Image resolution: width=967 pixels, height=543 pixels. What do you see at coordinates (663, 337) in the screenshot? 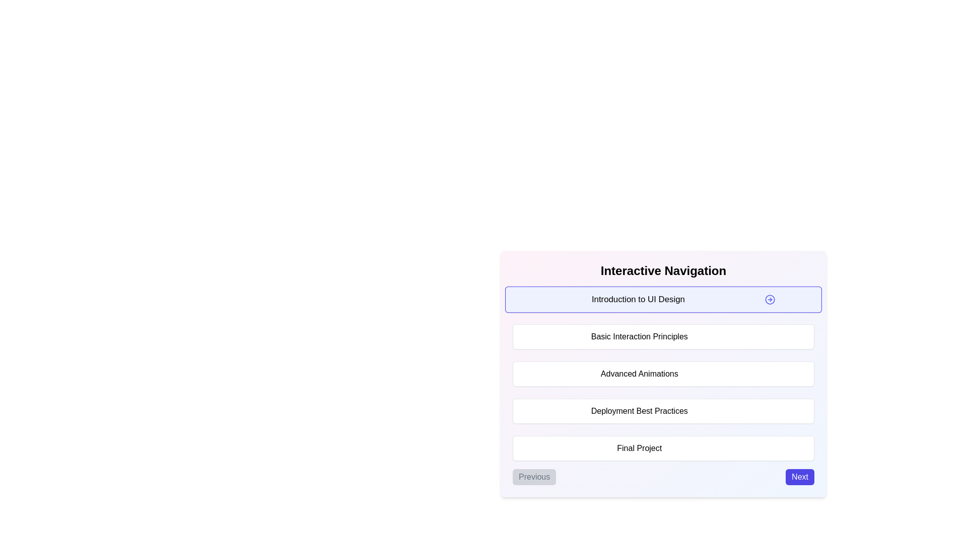
I see `the step labeled Basic Interaction Principles to navigate to it` at bounding box center [663, 337].